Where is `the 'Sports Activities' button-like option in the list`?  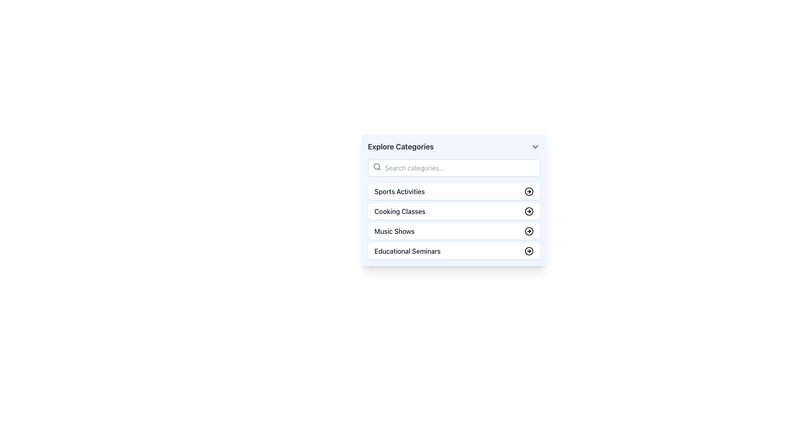 the 'Sports Activities' button-like option in the list is located at coordinates (453, 191).